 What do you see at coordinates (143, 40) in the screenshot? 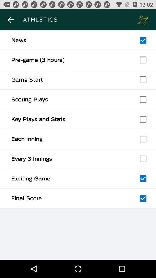
I see `news check box` at bounding box center [143, 40].